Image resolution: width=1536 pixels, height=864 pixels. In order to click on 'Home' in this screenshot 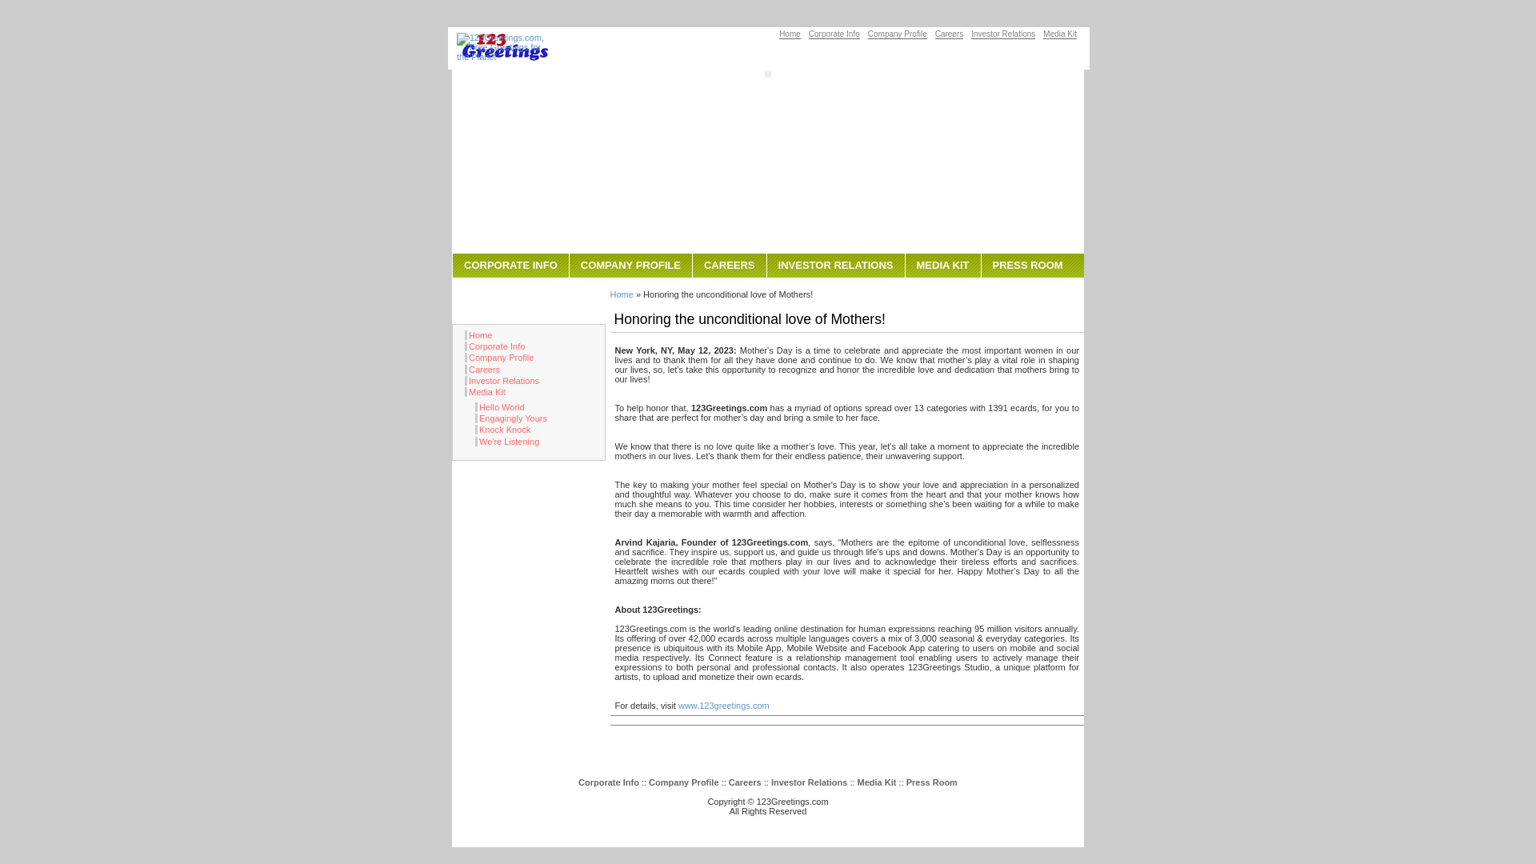, I will do `click(463, 334)`.